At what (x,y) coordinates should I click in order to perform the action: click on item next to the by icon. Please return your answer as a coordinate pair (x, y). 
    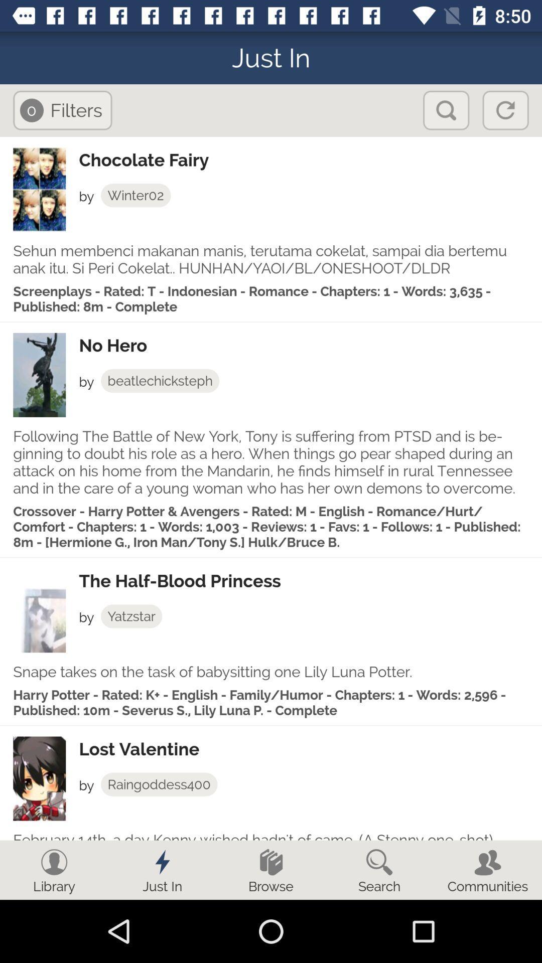
    Looking at the image, I should click on (159, 784).